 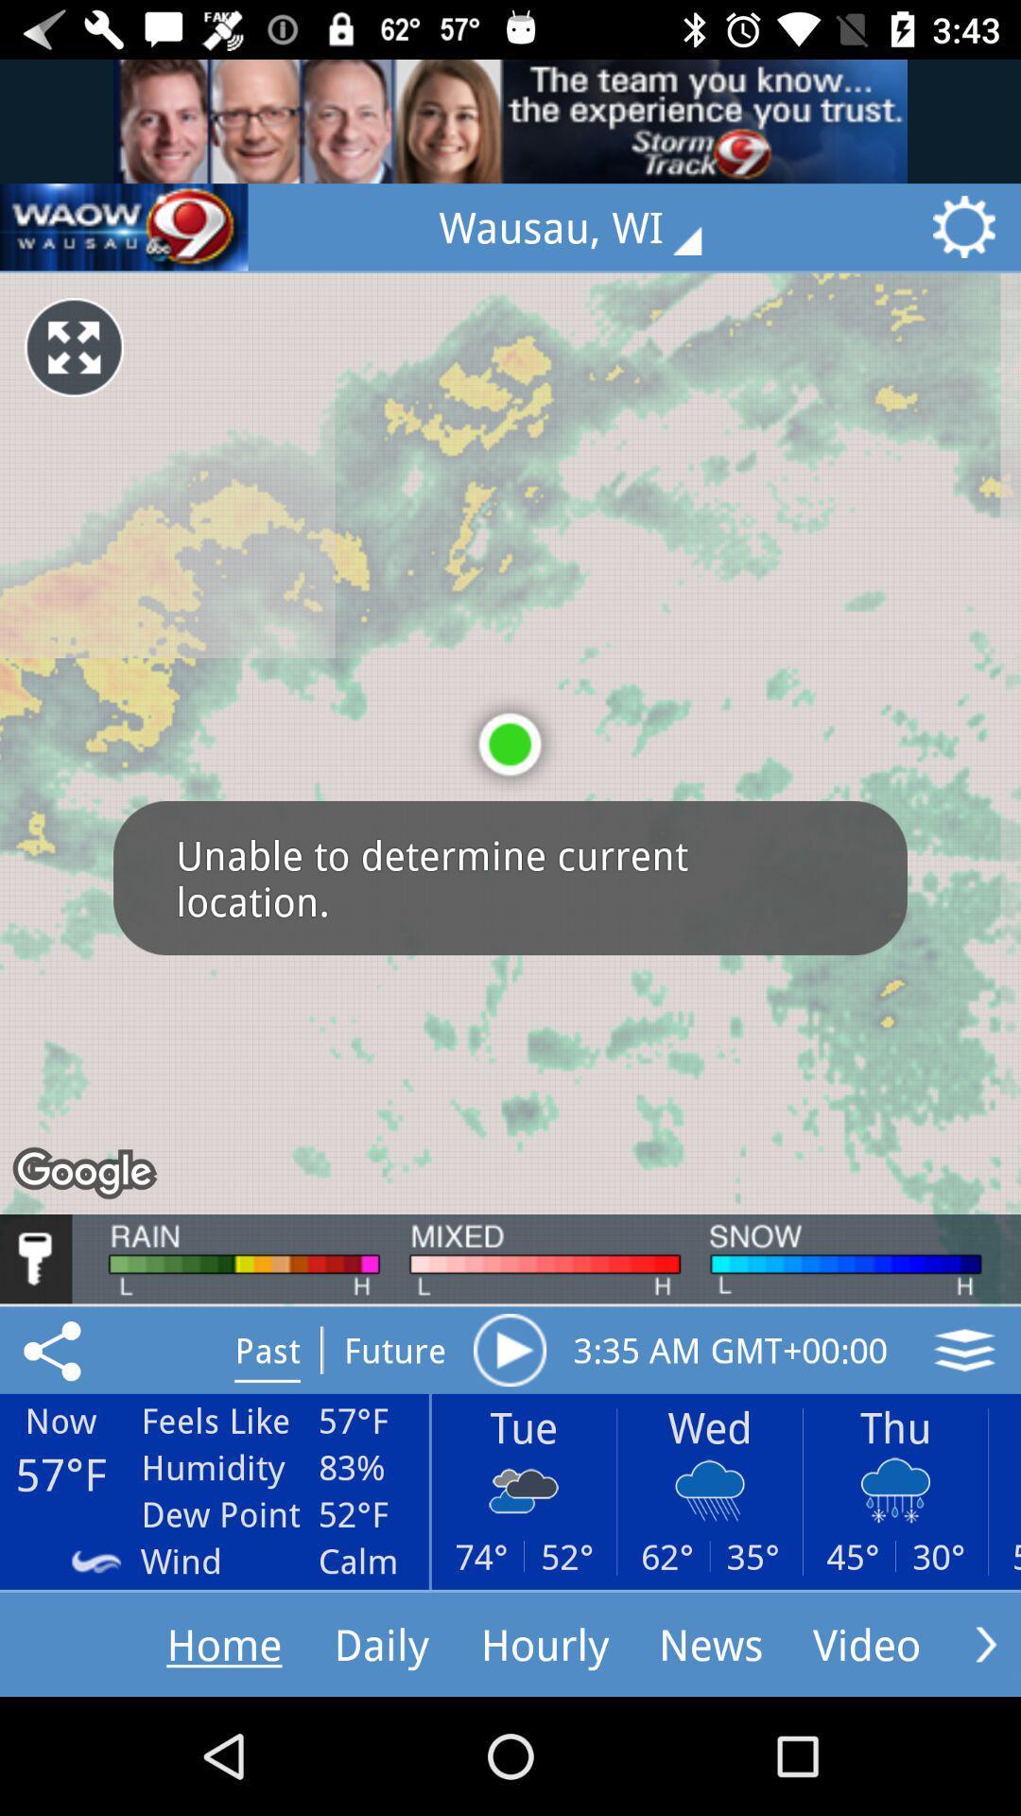 What do you see at coordinates (124, 227) in the screenshot?
I see `the volume icon` at bounding box center [124, 227].